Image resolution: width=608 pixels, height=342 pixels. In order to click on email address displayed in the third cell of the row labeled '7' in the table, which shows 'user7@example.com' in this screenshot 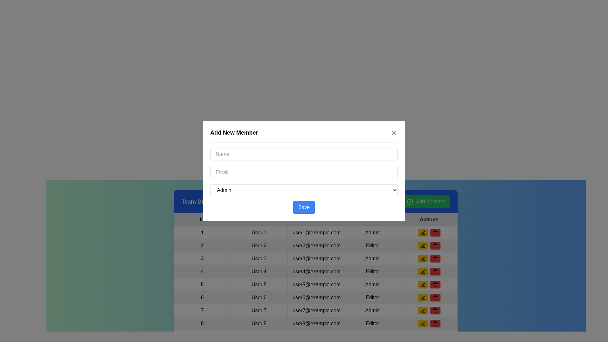, I will do `click(316, 310)`.